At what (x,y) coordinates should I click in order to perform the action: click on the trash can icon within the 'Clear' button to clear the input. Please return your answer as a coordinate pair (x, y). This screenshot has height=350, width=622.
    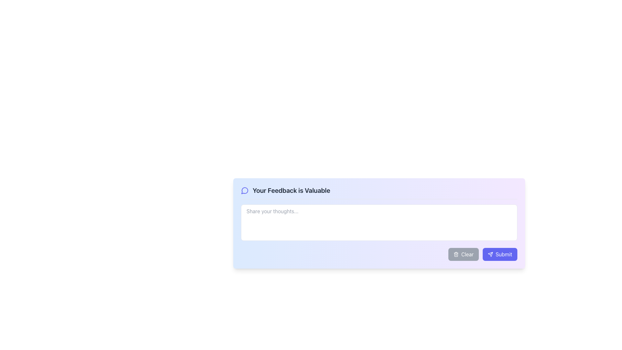
    Looking at the image, I should click on (455, 254).